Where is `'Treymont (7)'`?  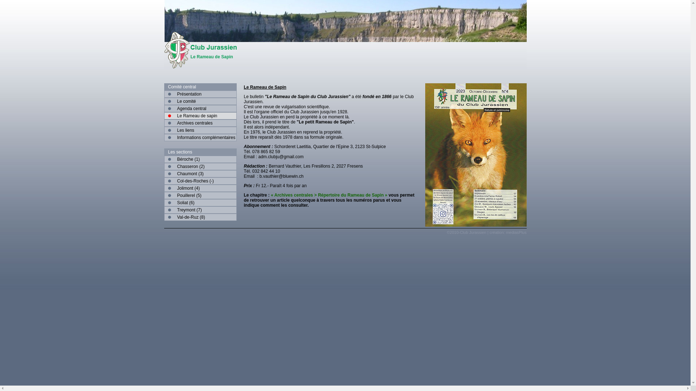
'Treymont (7)' is located at coordinates (200, 210).